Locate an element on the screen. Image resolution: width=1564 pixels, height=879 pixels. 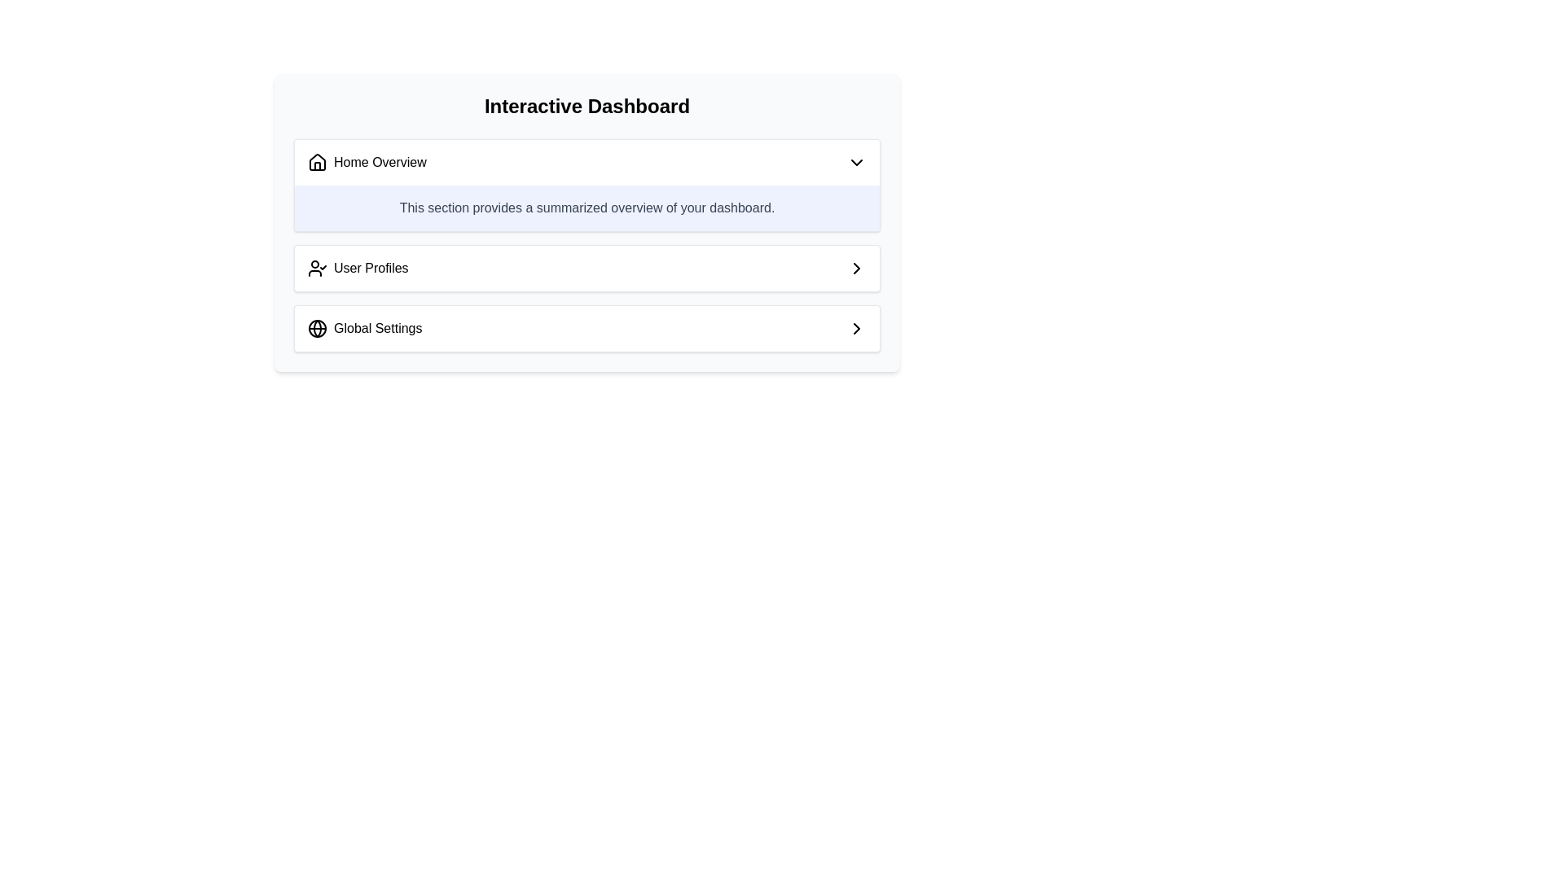
text content of the 'Global Settings' text label with a globe icon, which is the last entry in the vertical list of navigation options is located at coordinates (364, 329).